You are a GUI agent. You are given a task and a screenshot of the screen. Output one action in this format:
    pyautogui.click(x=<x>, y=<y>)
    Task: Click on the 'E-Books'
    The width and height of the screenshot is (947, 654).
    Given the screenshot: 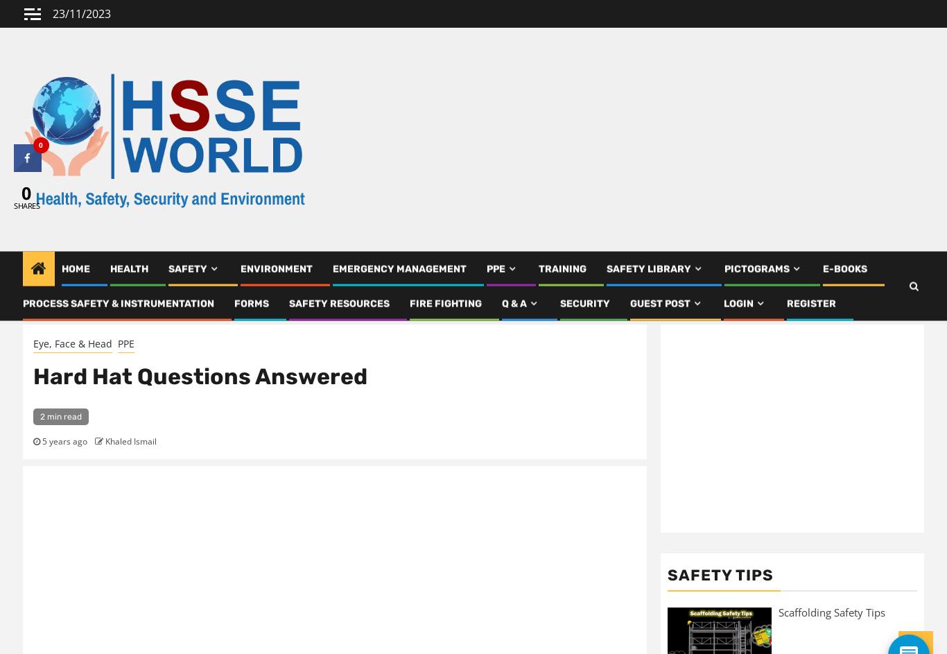 What is the action you would take?
    pyautogui.click(x=845, y=273)
    